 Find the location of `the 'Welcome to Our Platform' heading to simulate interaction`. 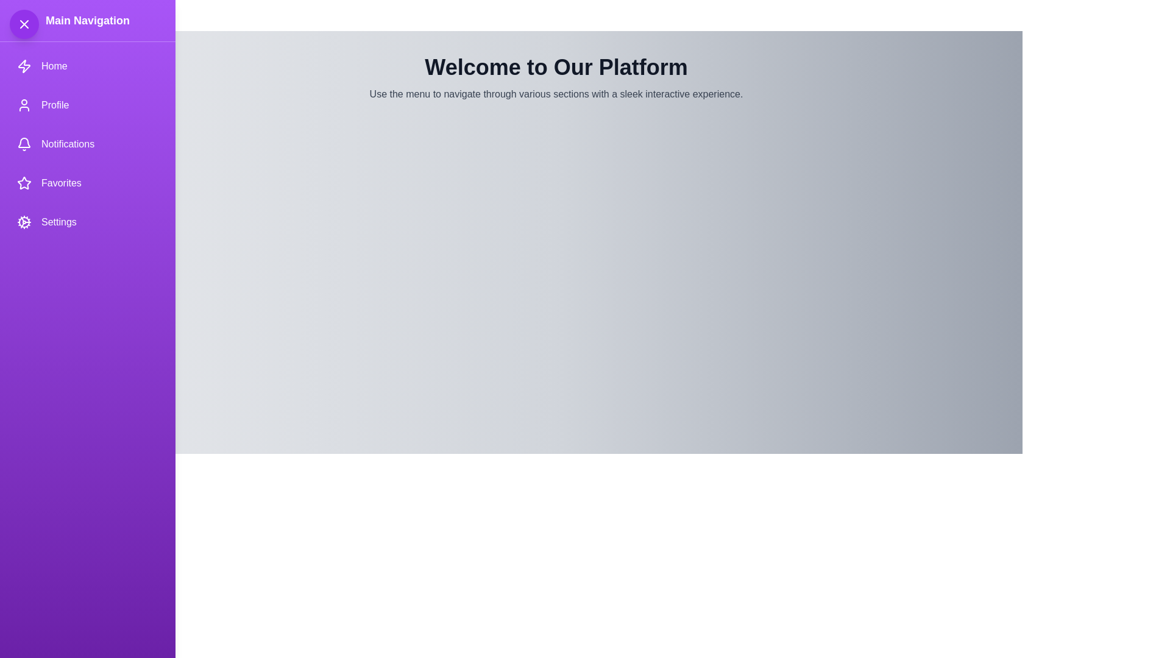

the 'Welcome to Our Platform' heading to simulate interaction is located at coordinates (555, 68).